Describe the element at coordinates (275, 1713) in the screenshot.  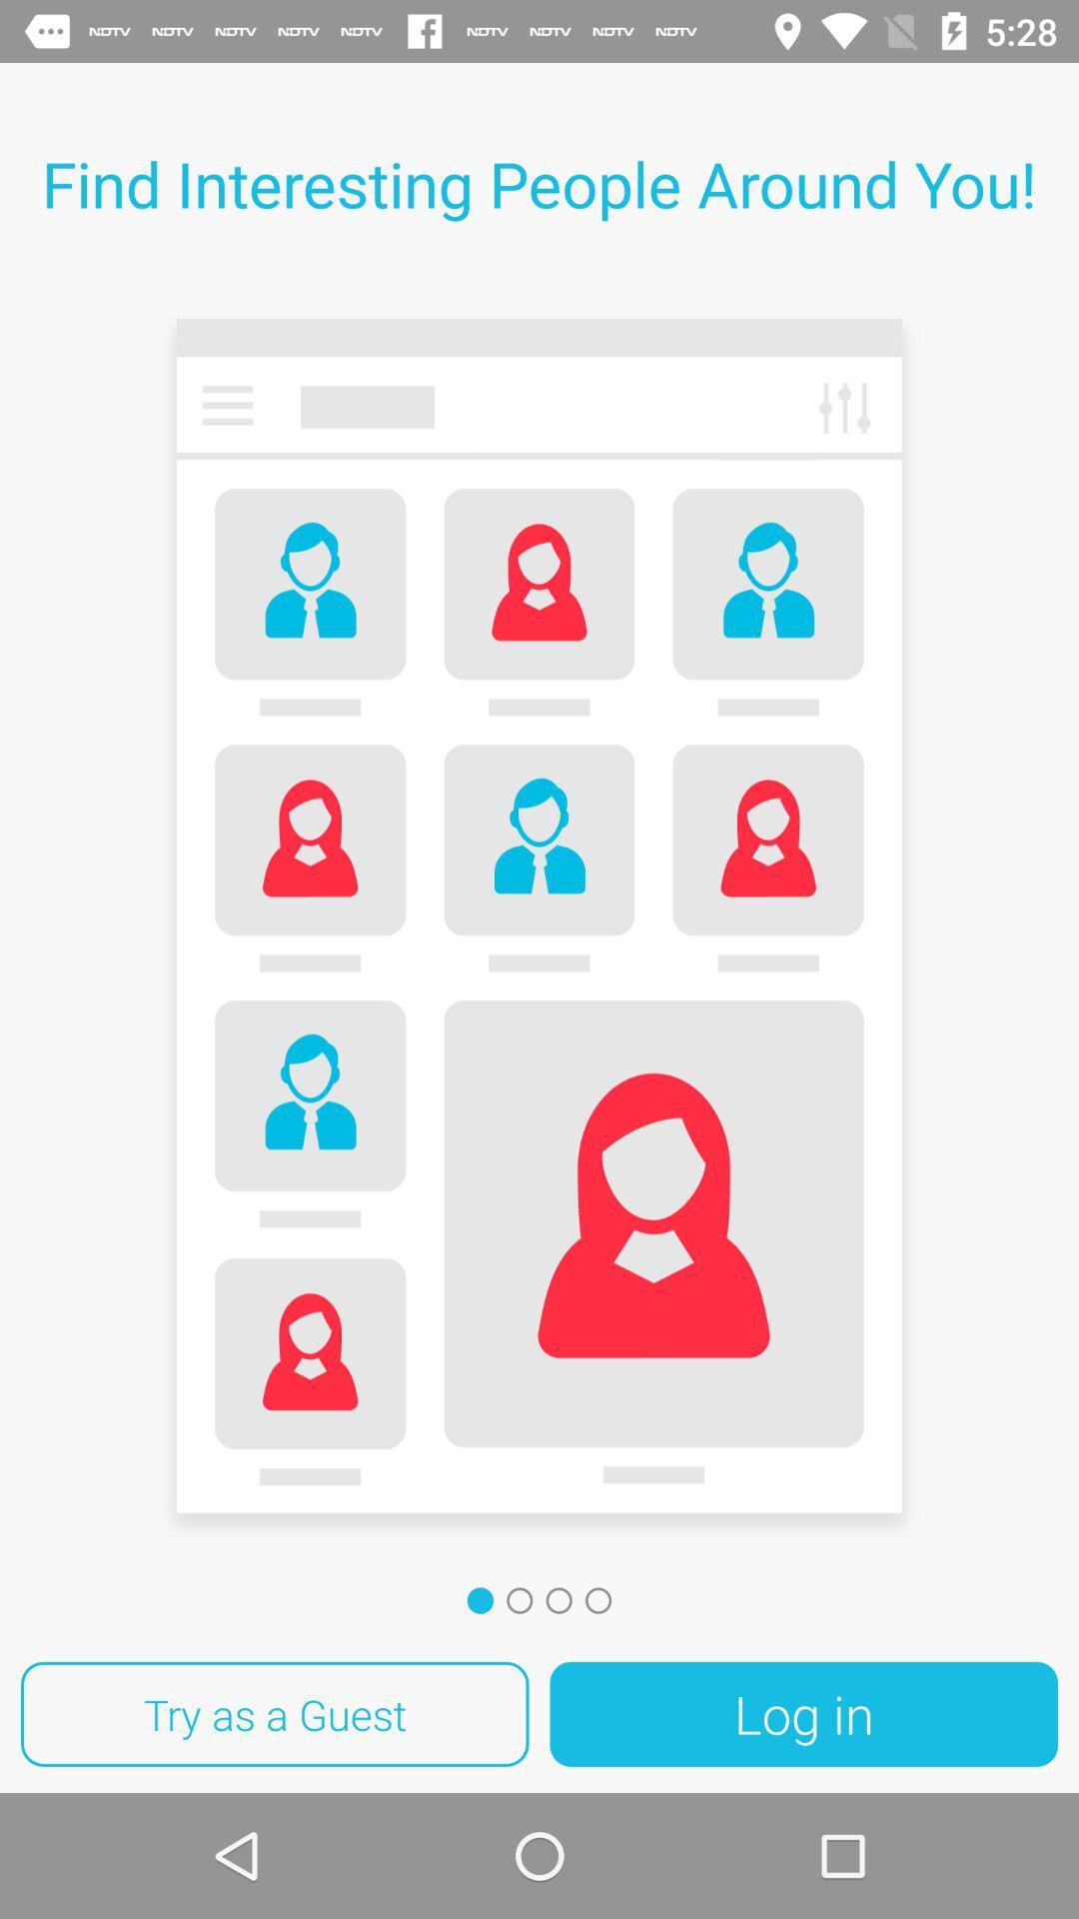
I see `the try as a item` at that location.